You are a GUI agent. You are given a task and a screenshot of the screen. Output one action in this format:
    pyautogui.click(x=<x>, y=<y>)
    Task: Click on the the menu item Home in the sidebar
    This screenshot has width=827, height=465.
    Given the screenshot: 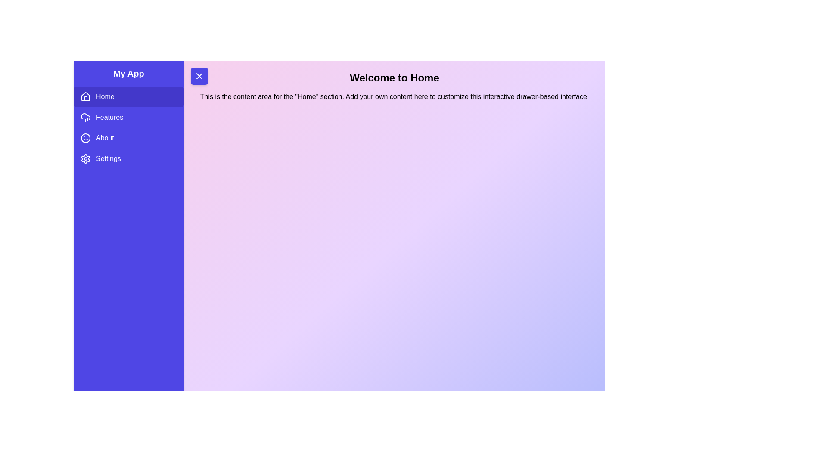 What is the action you would take?
    pyautogui.click(x=128, y=96)
    